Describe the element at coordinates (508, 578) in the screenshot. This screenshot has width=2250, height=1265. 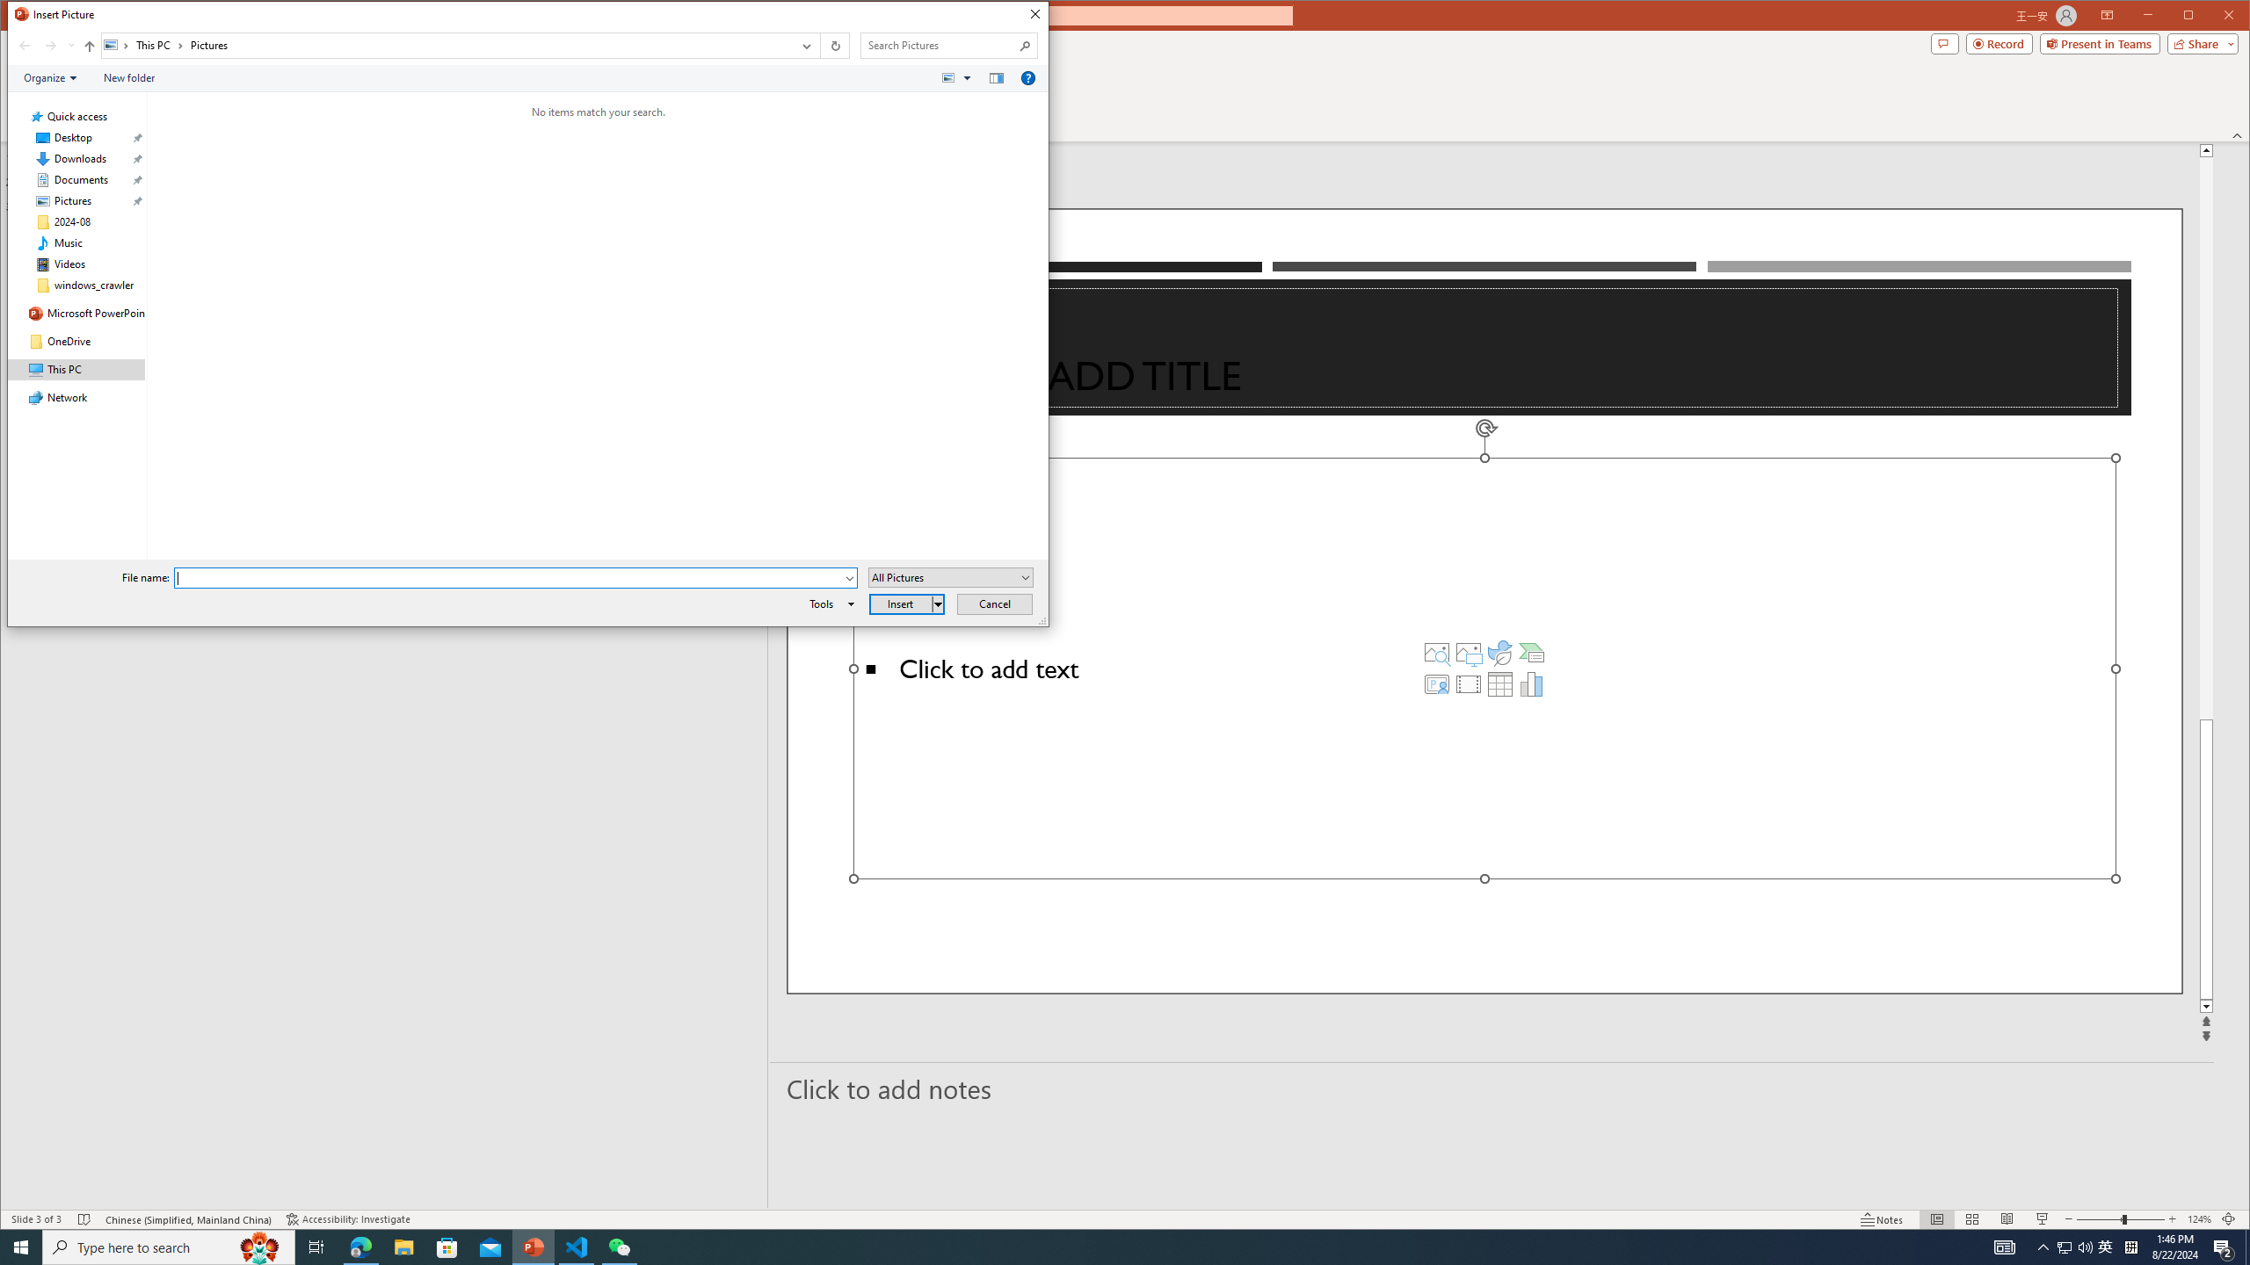
I see `'File name:'` at that location.